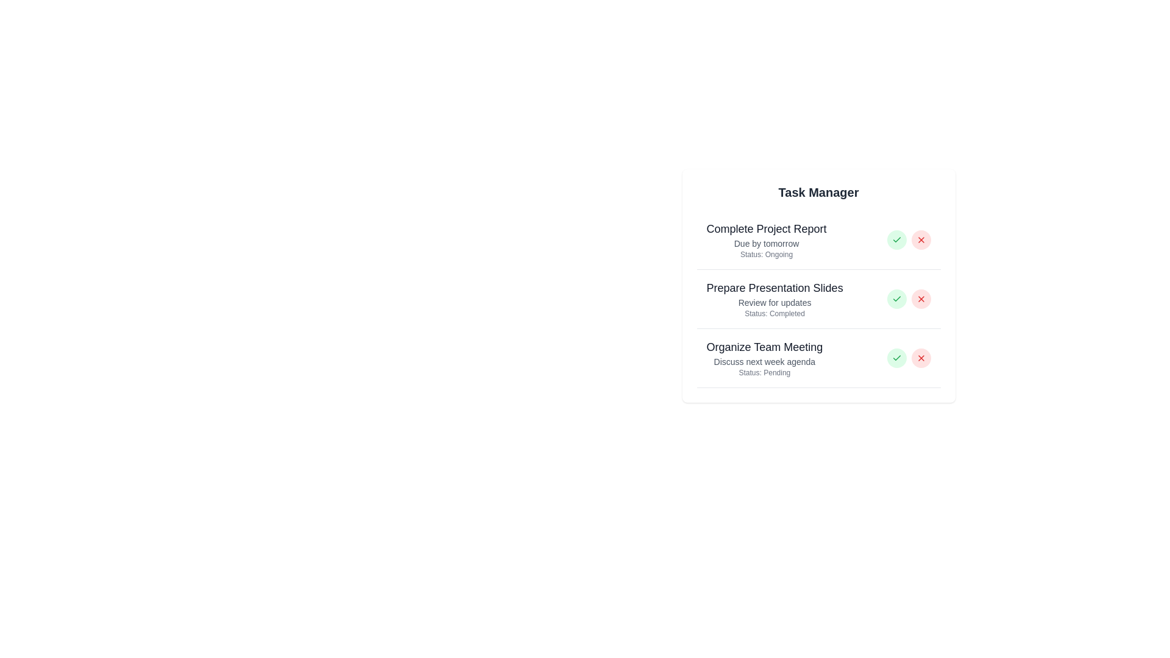 The width and height of the screenshot is (1170, 658). What do you see at coordinates (764, 361) in the screenshot?
I see `the text element that reads 'Discuss next week agenda.' which is styled in gray and located below 'Organize Team Meeting.'` at bounding box center [764, 361].